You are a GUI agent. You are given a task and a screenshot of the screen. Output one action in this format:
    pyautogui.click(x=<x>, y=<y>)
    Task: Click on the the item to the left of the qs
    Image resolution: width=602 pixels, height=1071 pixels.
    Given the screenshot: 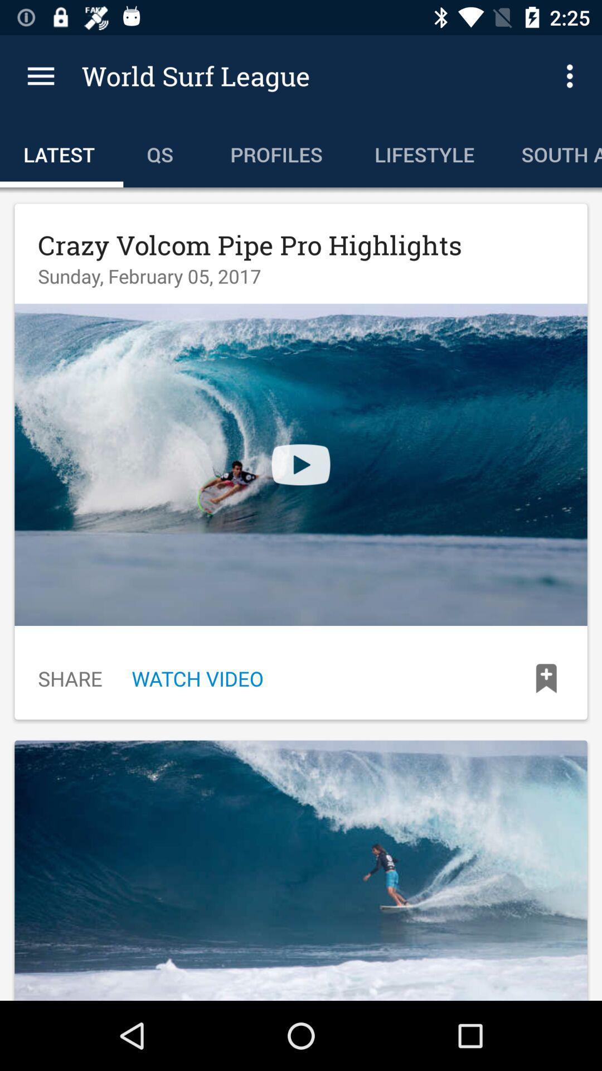 What is the action you would take?
    pyautogui.click(x=61, y=152)
    